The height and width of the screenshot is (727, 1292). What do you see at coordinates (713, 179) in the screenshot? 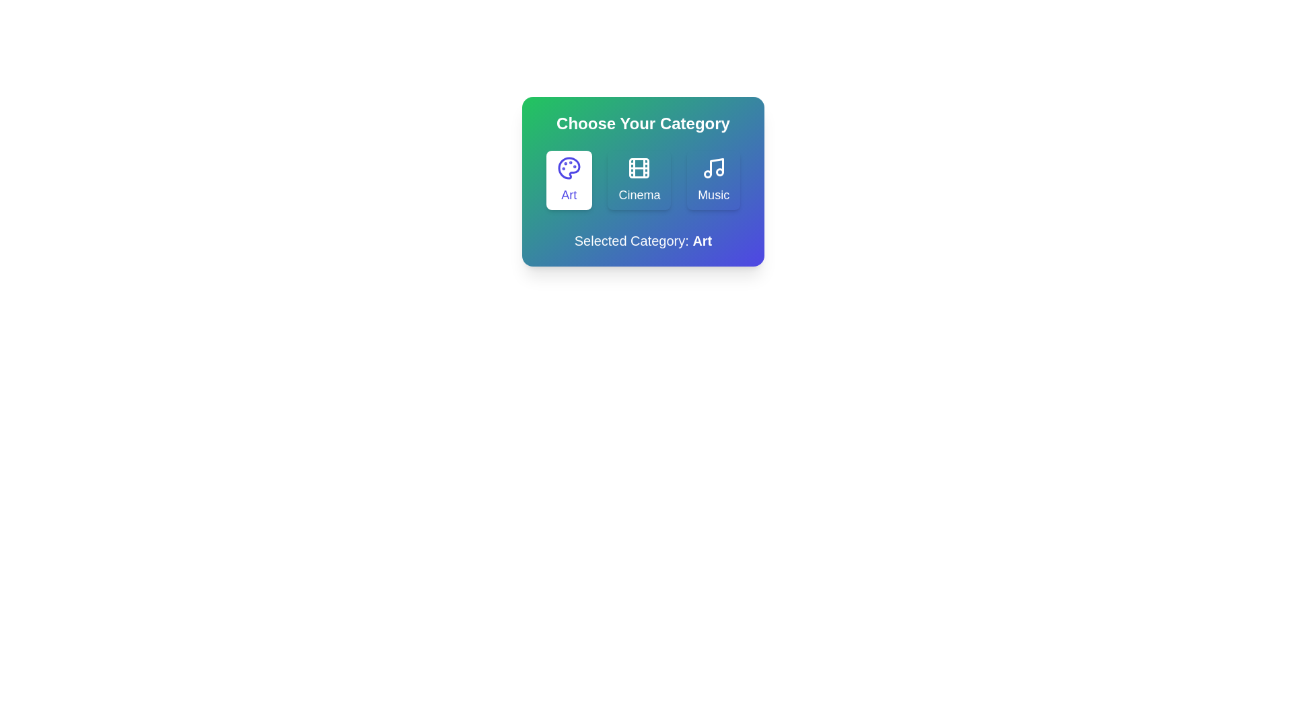
I see `the 'Music' category button to select it` at bounding box center [713, 179].